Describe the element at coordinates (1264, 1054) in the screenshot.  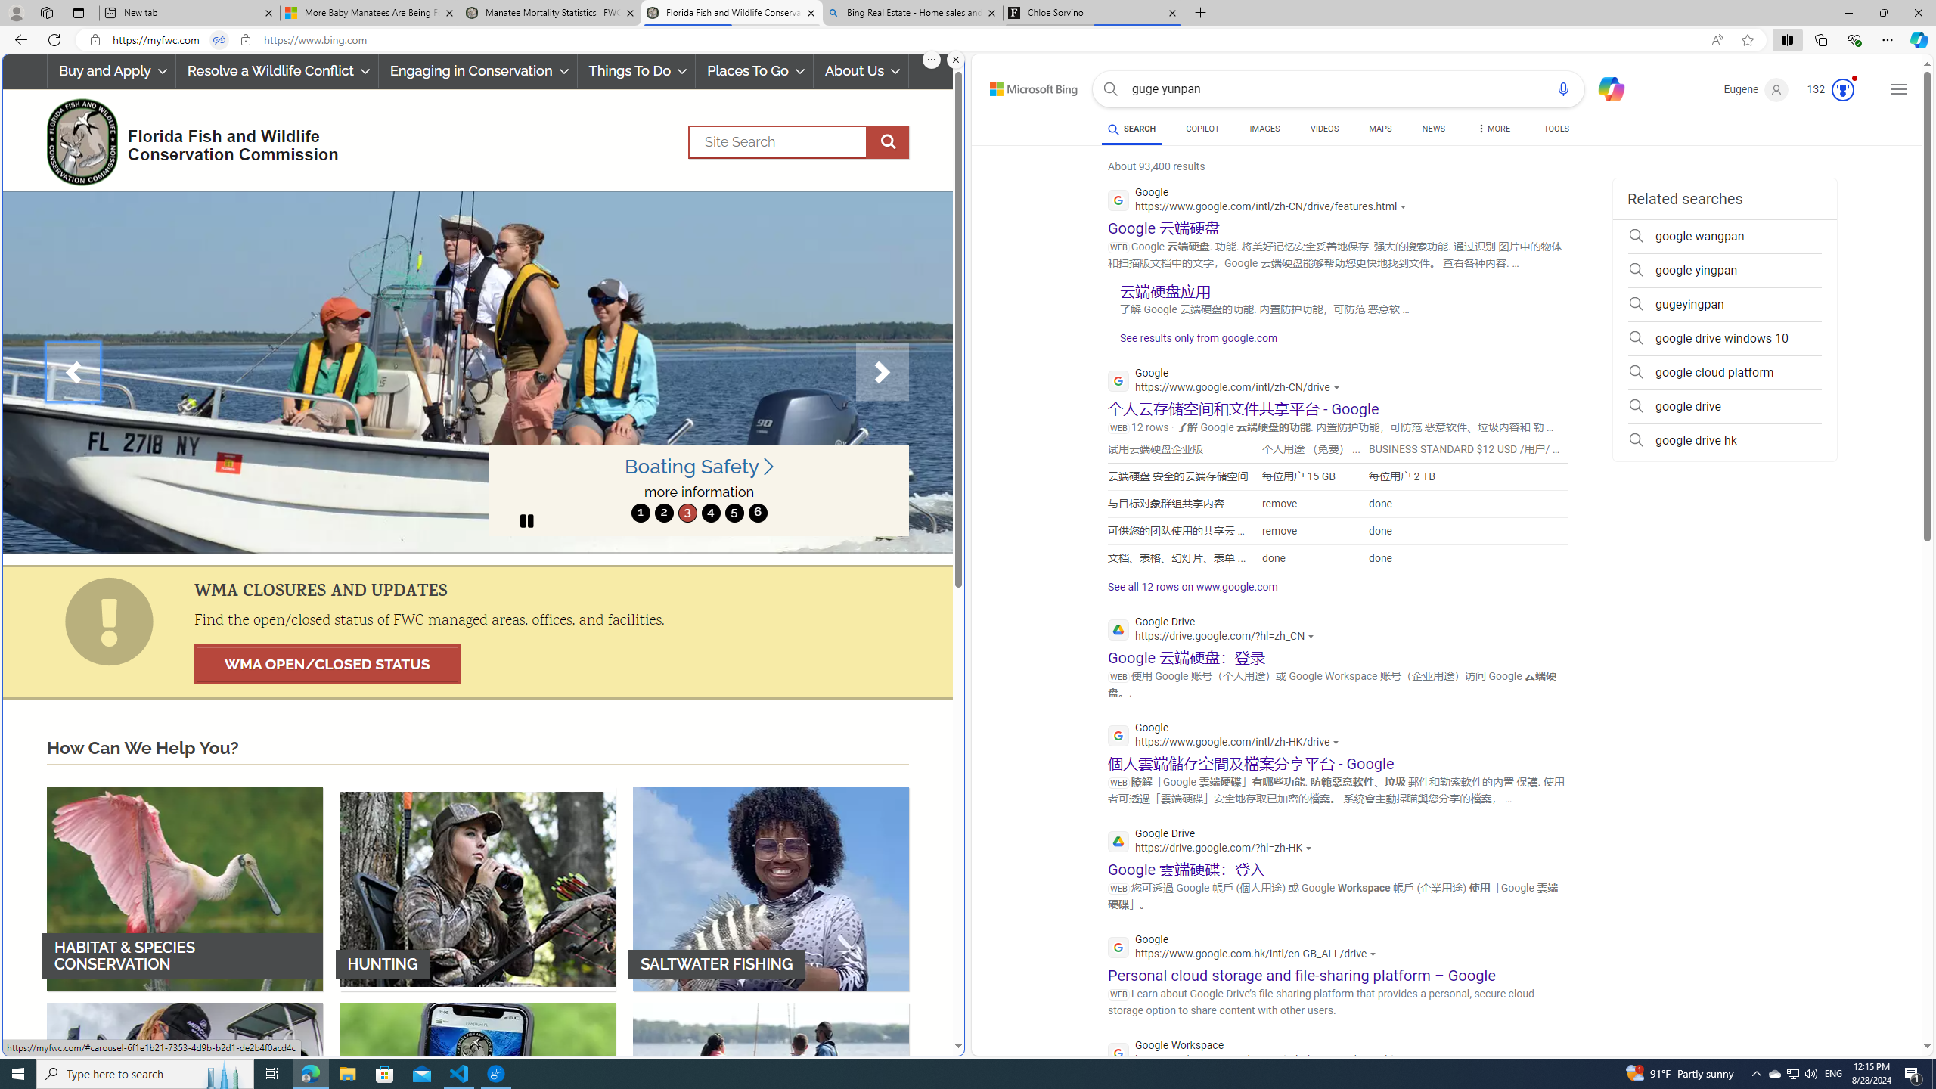
I see `'Google Workspace'` at that location.